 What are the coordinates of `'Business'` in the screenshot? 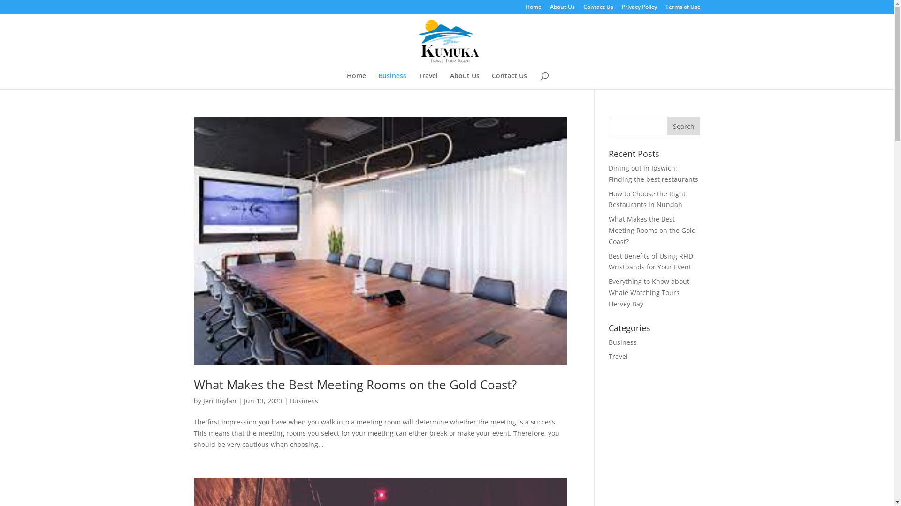 It's located at (392, 81).